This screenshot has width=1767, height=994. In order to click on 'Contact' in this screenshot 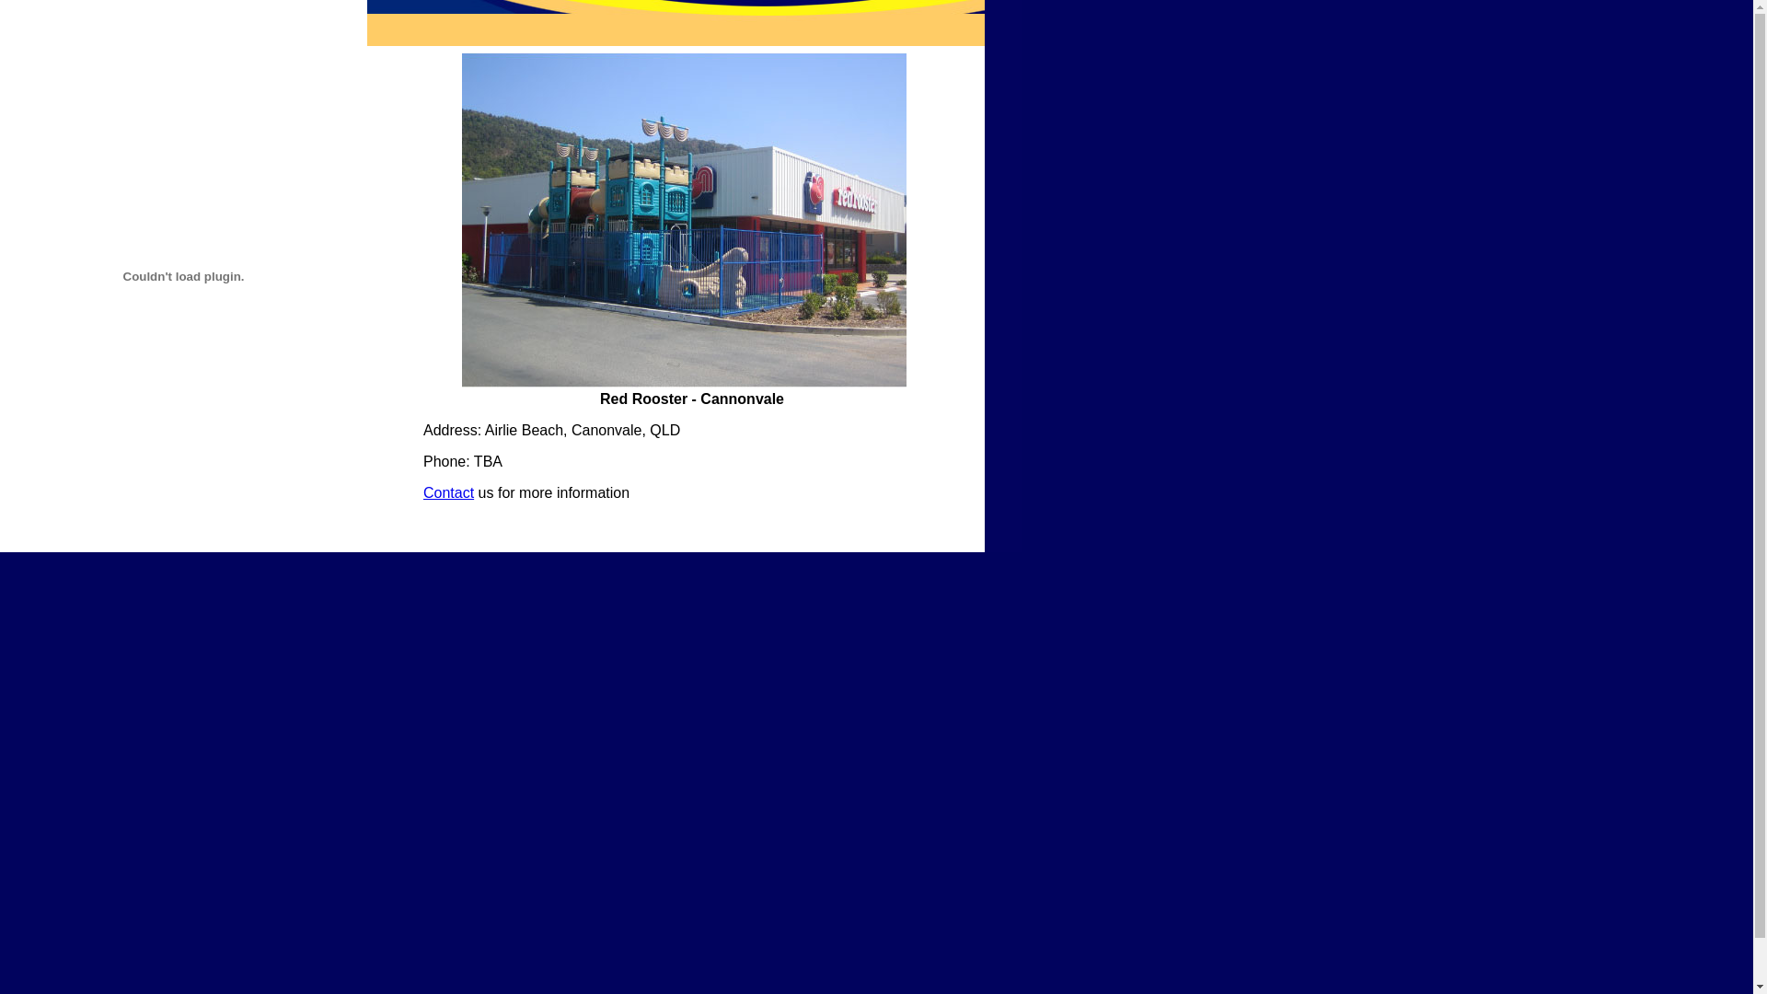, I will do `click(448, 491)`.